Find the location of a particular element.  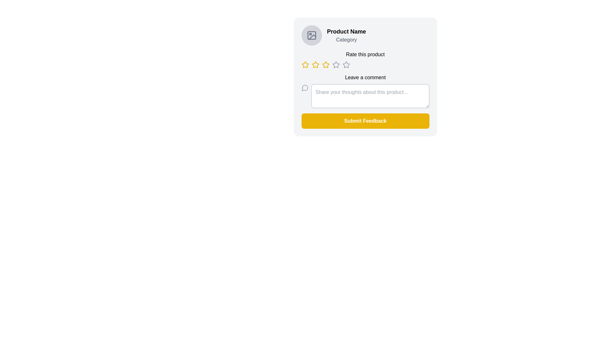

the fourth rating star icon with a gray stroke is located at coordinates (346, 65).